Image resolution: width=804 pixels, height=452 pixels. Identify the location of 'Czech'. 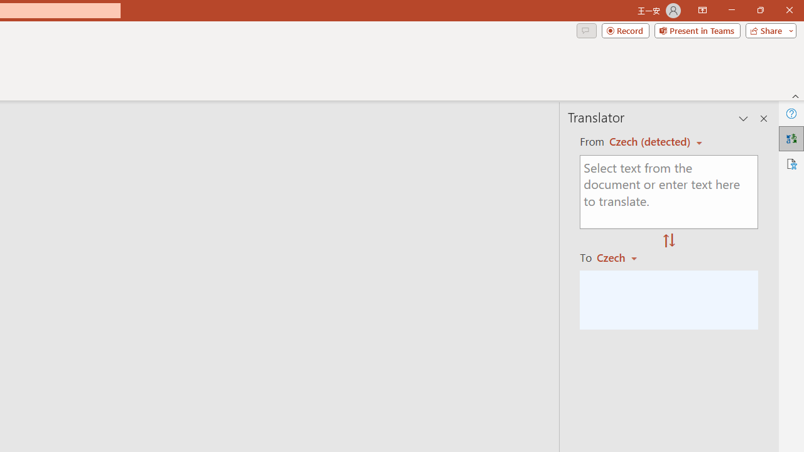
(622, 257).